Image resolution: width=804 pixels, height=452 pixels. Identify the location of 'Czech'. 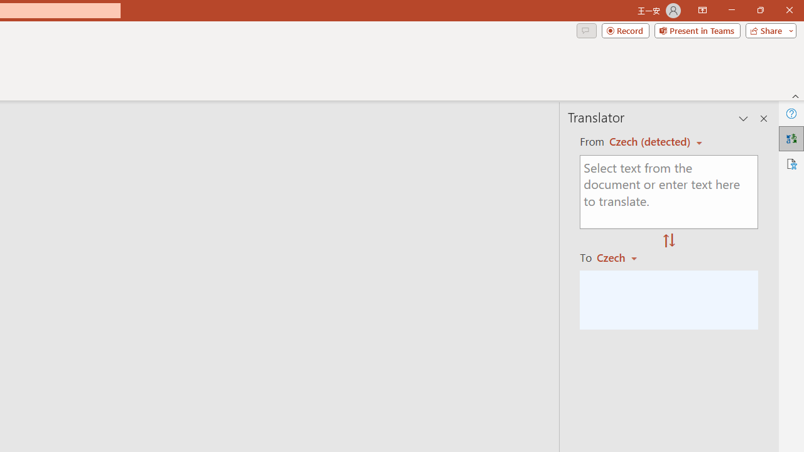
(622, 257).